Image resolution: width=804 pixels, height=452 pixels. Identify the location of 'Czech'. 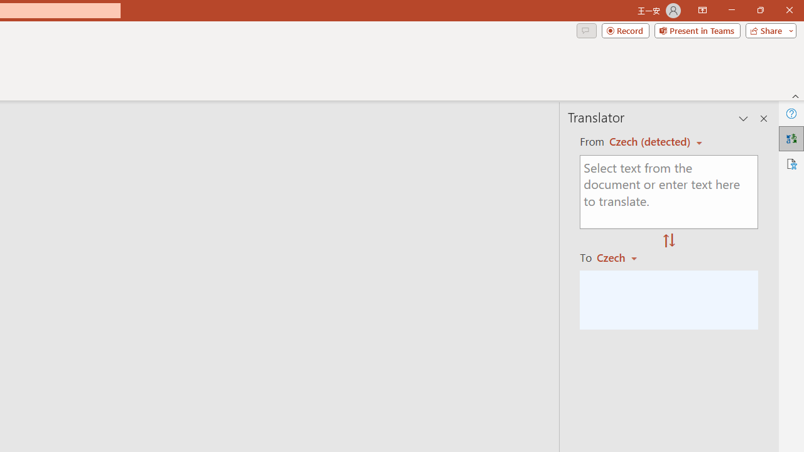
(622, 257).